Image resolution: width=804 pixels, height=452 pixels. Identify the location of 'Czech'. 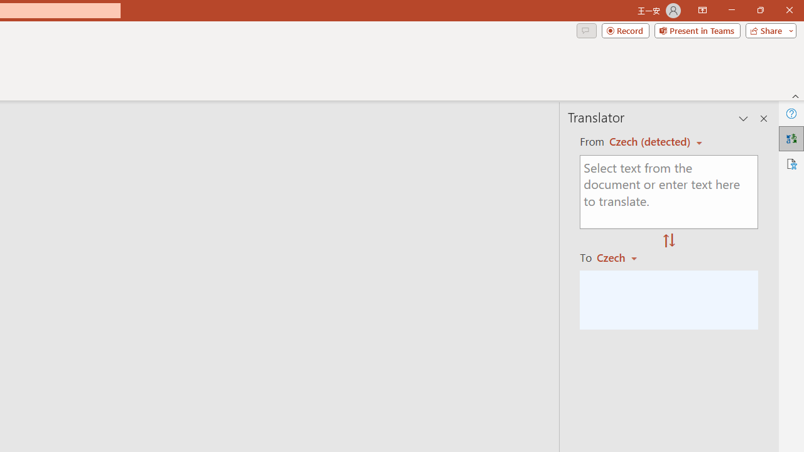
(622, 257).